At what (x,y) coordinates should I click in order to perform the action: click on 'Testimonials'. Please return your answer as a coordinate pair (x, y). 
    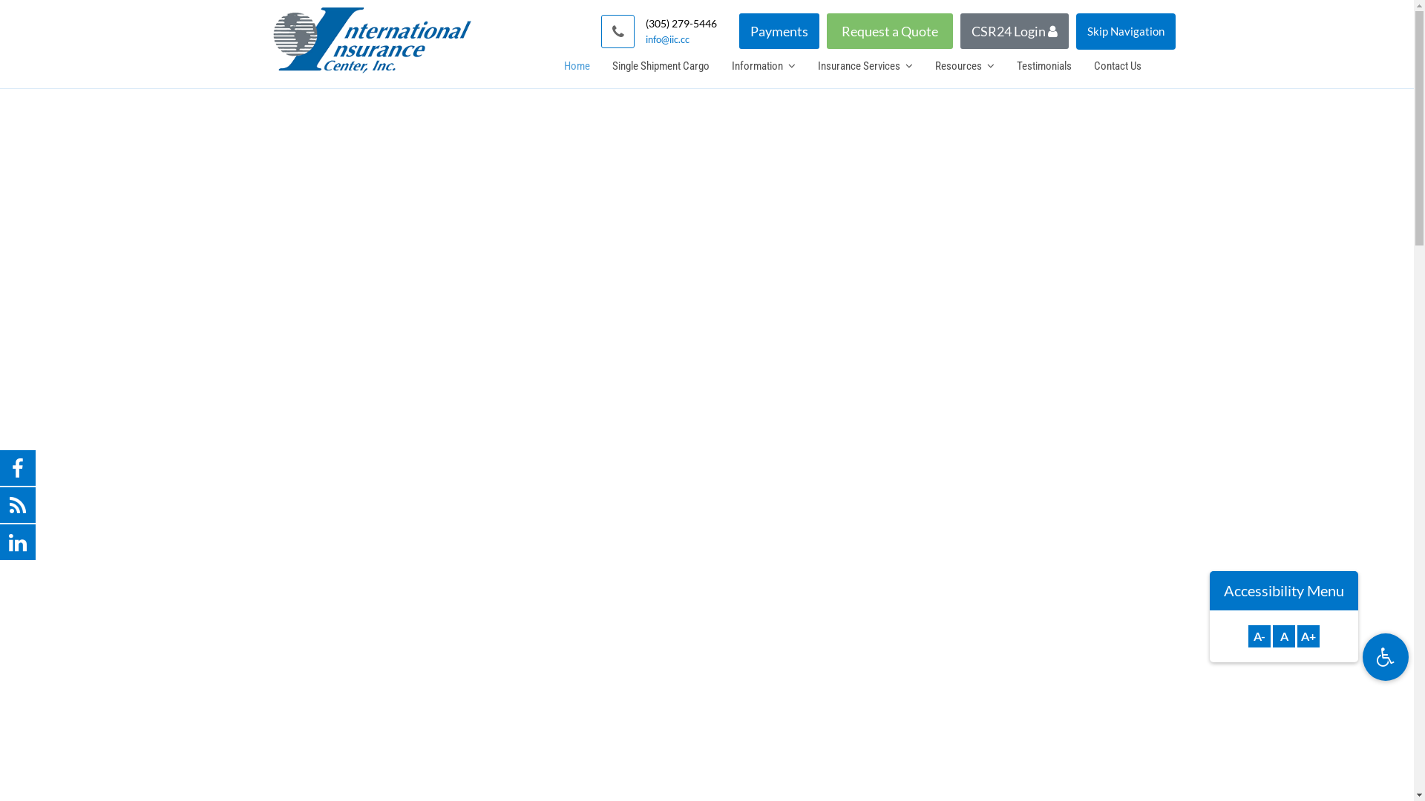
    Looking at the image, I should click on (1043, 65).